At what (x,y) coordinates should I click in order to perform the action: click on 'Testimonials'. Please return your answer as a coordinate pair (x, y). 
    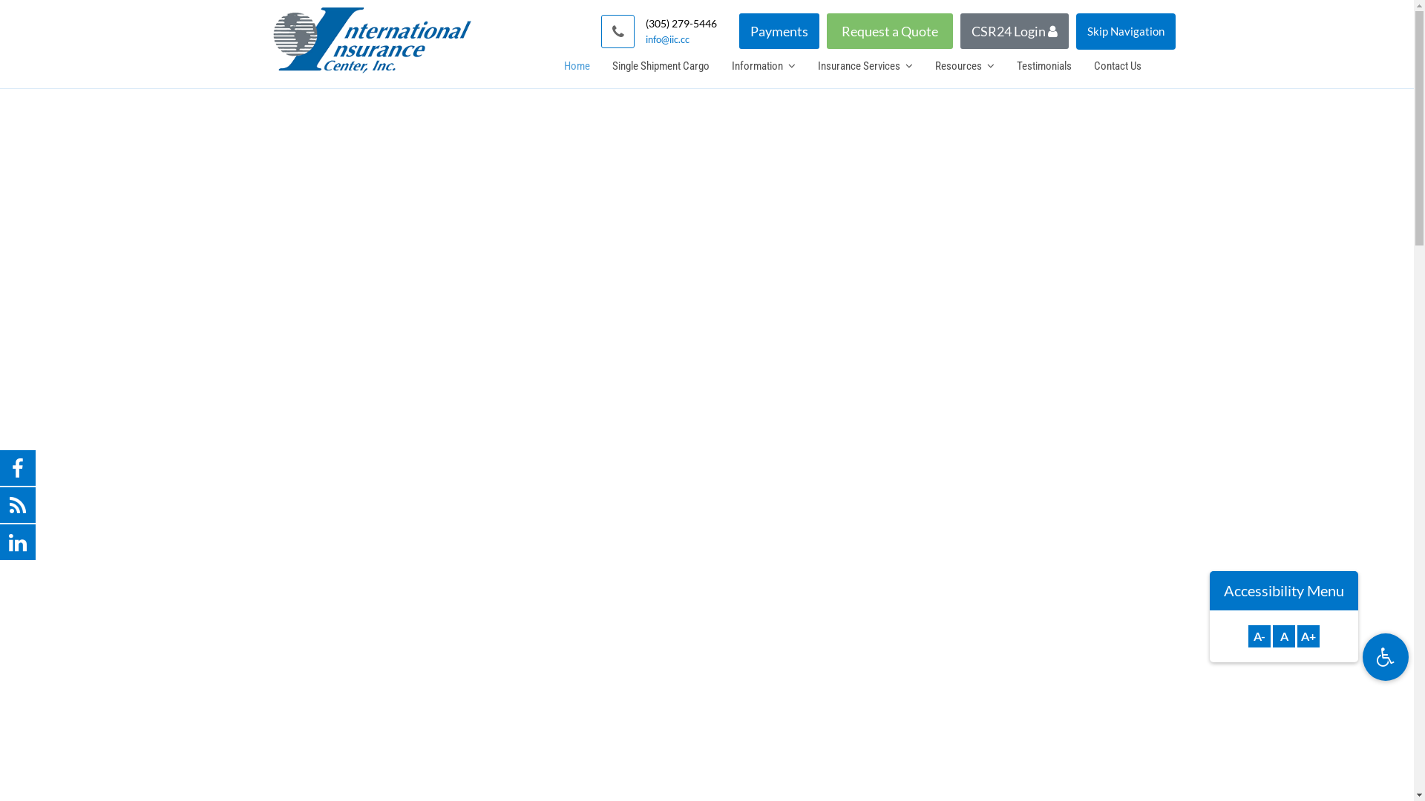
    Looking at the image, I should click on (1043, 65).